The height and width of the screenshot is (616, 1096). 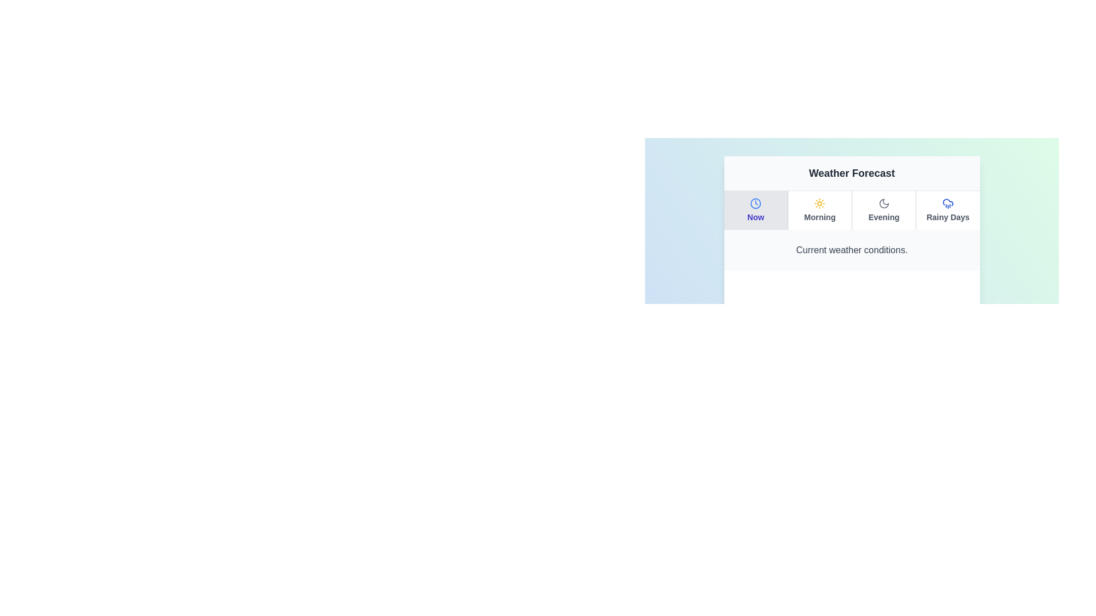 What do you see at coordinates (948, 203) in the screenshot?
I see `the blue cloud and rain icon representing rainy weather, located near the text 'Rainy Days', aligned to the right within the row of weather conditions options` at bounding box center [948, 203].